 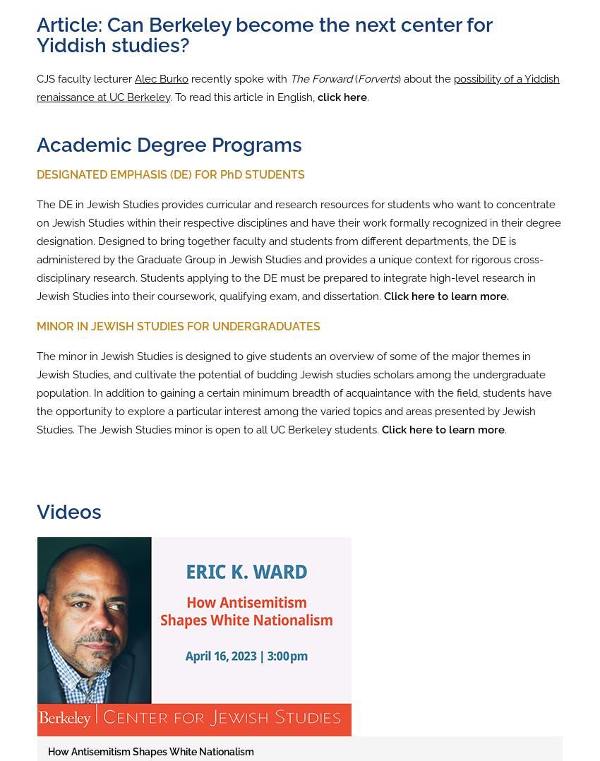 What do you see at coordinates (37, 510) in the screenshot?
I see `'Videos'` at bounding box center [37, 510].